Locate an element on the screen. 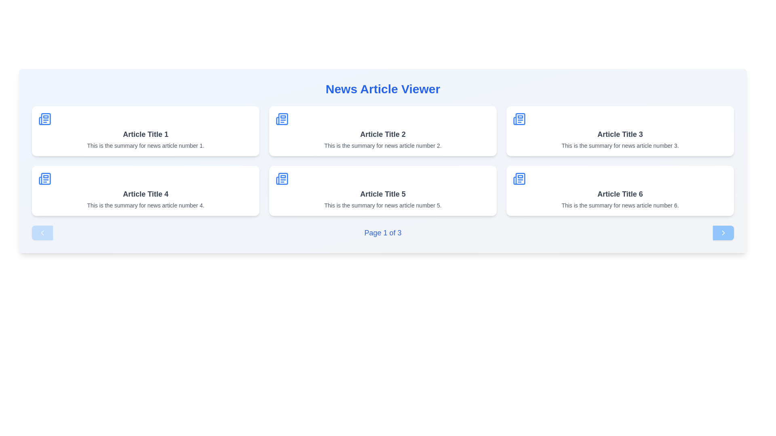  the icon located to the left of the title text in the card for 'Article Title 3' is located at coordinates (519, 119).